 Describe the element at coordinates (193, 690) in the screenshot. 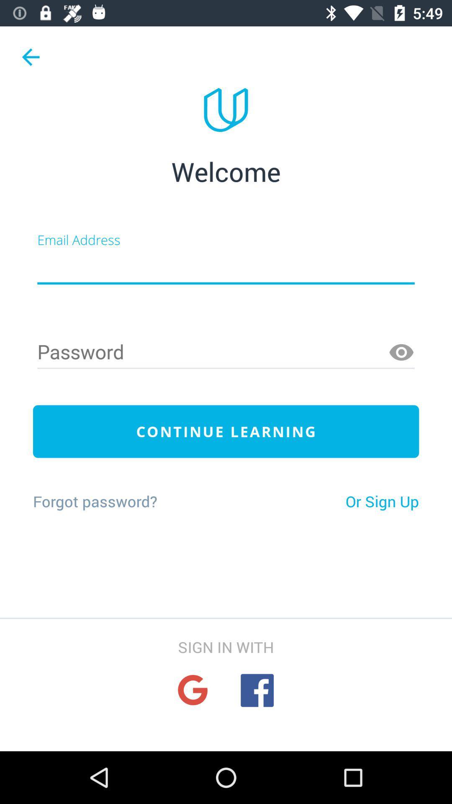

I see `google app` at that location.